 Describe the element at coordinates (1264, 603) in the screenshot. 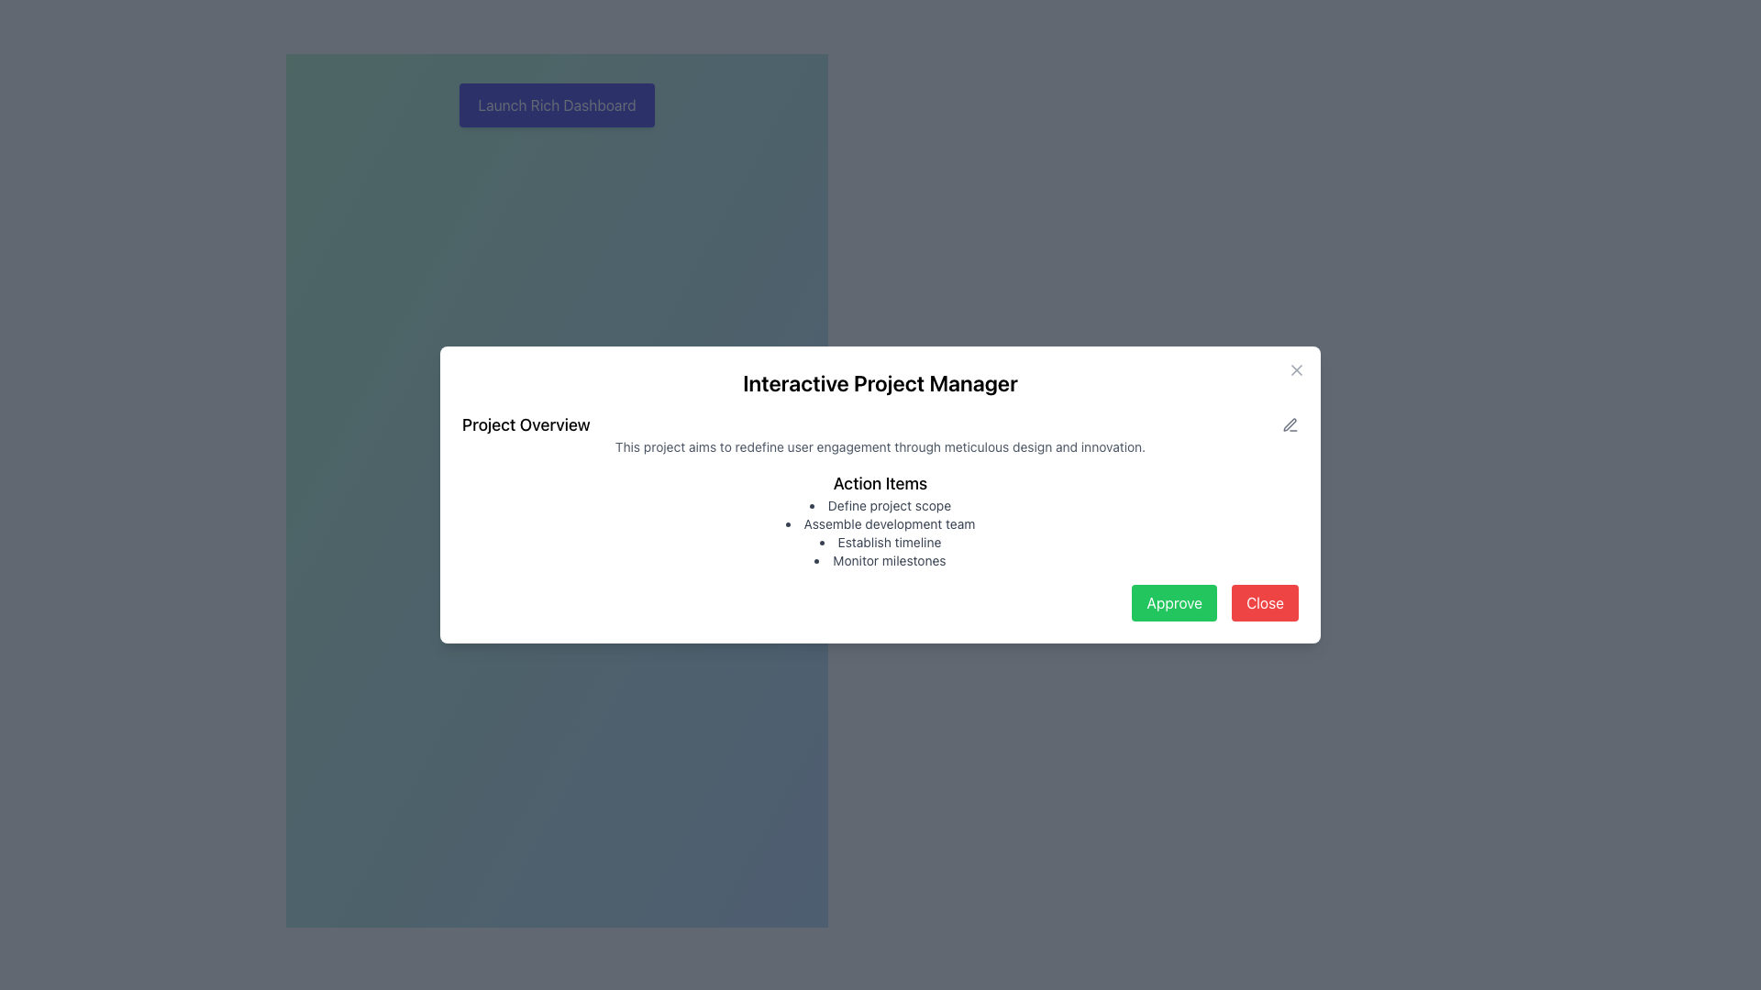

I see `the 'Close' button, which is a red button with white text, located towards the bottom-right of a panel in a modal, to observe the hover effect` at that location.